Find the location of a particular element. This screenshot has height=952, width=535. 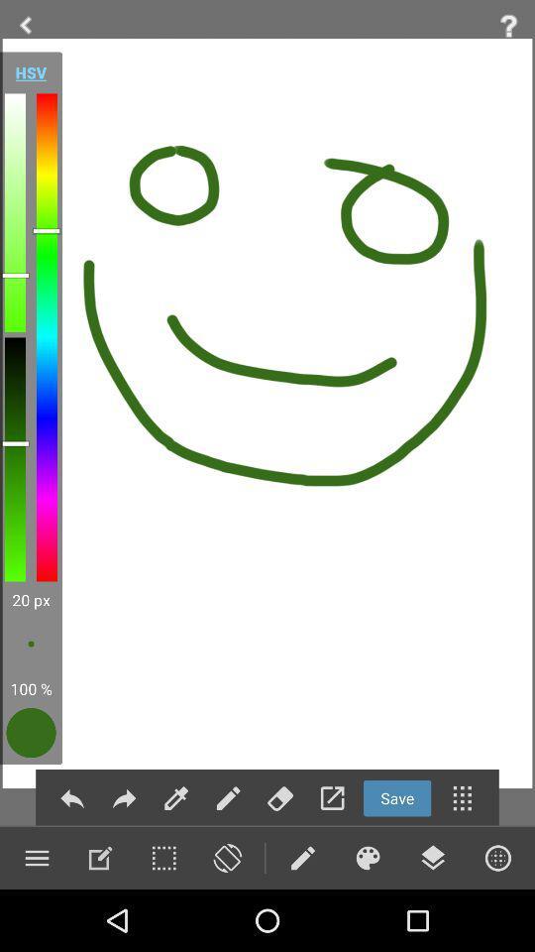

apps is located at coordinates (462, 798).